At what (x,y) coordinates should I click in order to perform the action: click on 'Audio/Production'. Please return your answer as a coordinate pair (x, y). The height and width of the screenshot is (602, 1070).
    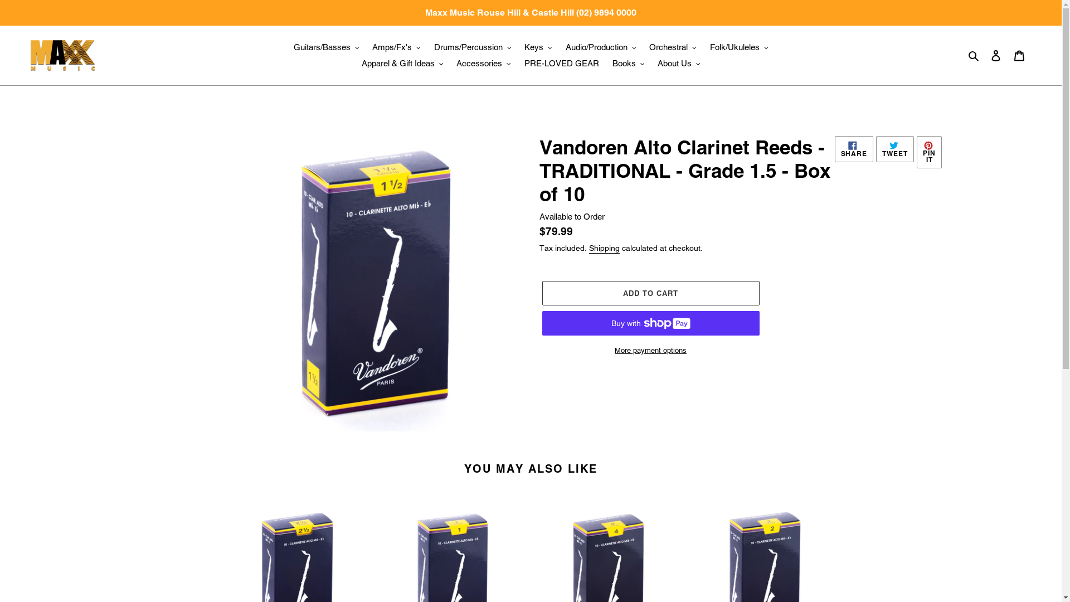
    Looking at the image, I should click on (600, 47).